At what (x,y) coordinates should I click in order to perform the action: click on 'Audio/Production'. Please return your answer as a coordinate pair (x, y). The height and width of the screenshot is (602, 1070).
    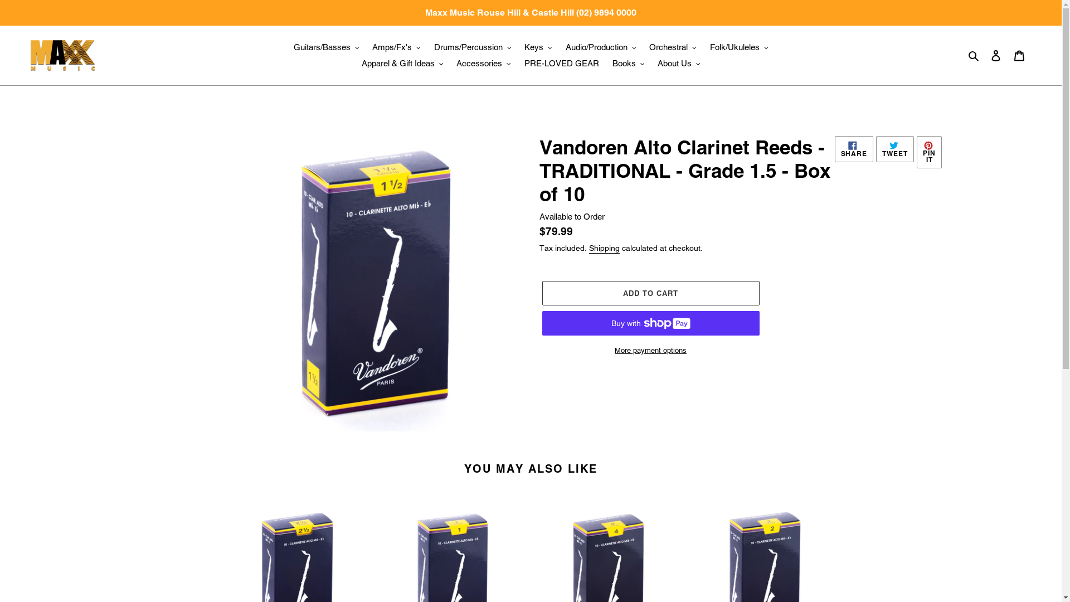
    Looking at the image, I should click on (600, 47).